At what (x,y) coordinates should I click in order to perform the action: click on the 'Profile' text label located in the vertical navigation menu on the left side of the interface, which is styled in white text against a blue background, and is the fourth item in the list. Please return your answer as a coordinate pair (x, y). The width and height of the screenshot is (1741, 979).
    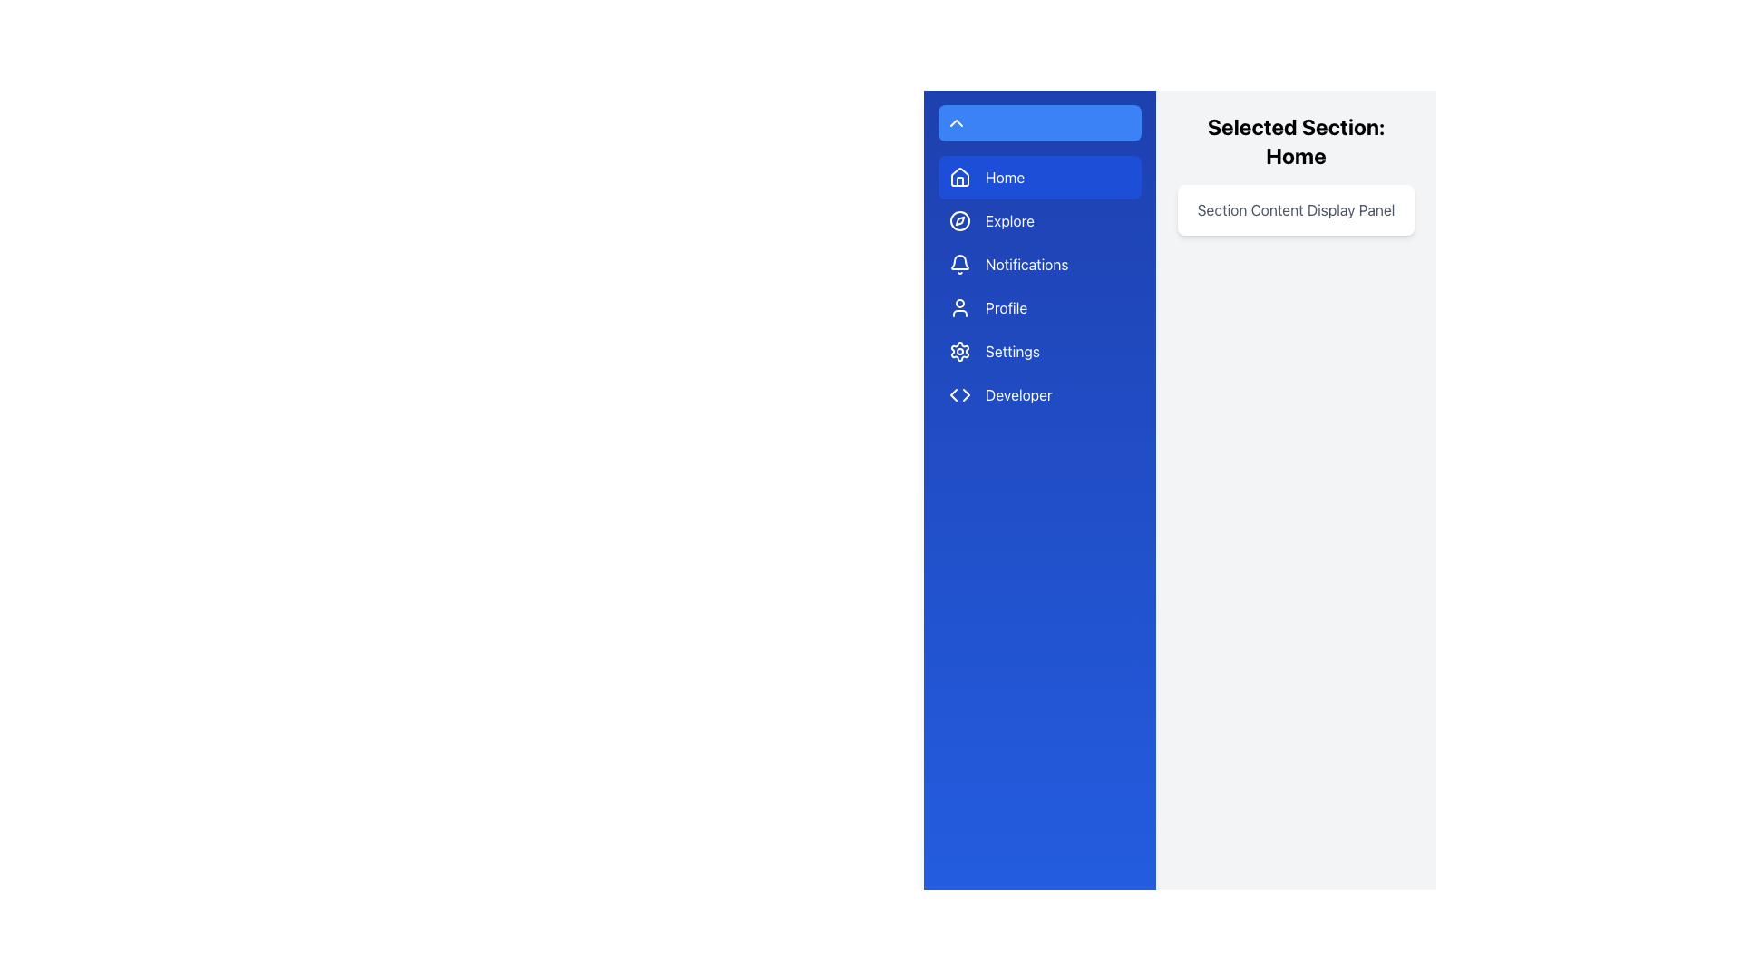
    Looking at the image, I should click on (1006, 306).